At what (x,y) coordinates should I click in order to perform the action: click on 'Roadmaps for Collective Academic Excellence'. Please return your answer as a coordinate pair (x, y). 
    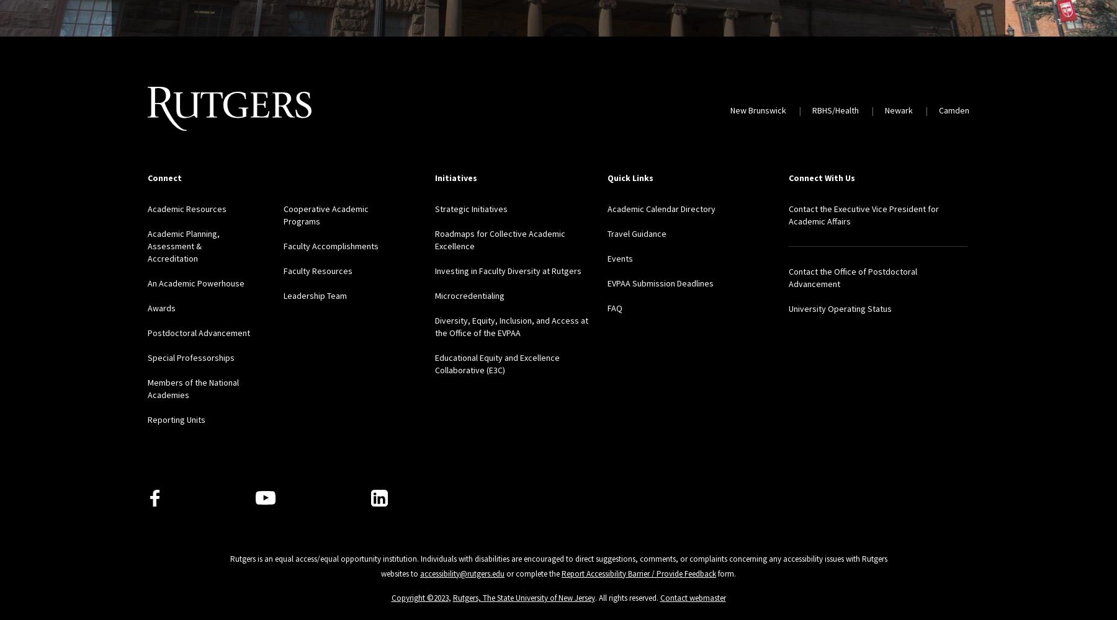
    Looking at the image, I should click on (434, 240).